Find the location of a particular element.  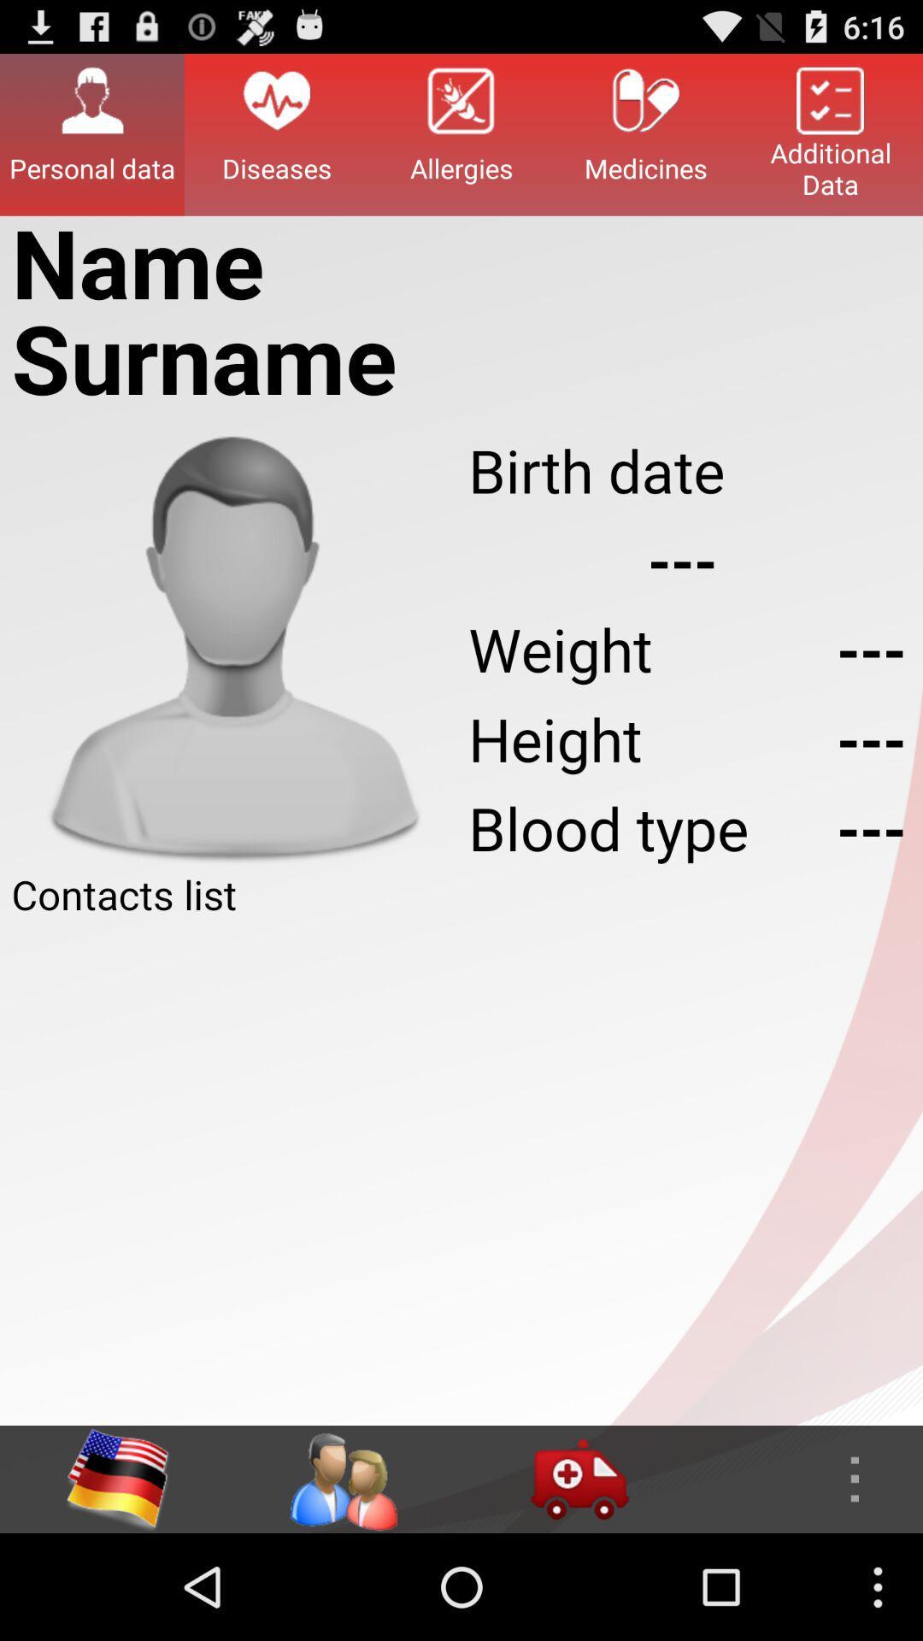

emergency button is located at coordinates (579, 1479).